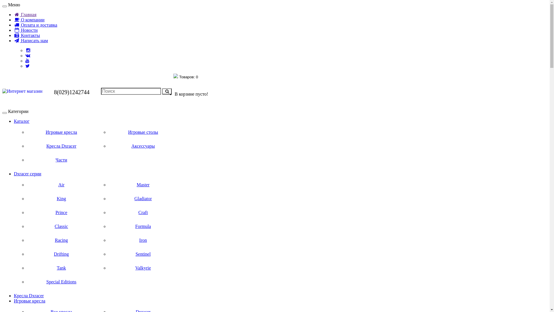 Image resolution: width=554 pixels, height=312 pixels. I want to click on 'Sentinel', so click(143, 254).